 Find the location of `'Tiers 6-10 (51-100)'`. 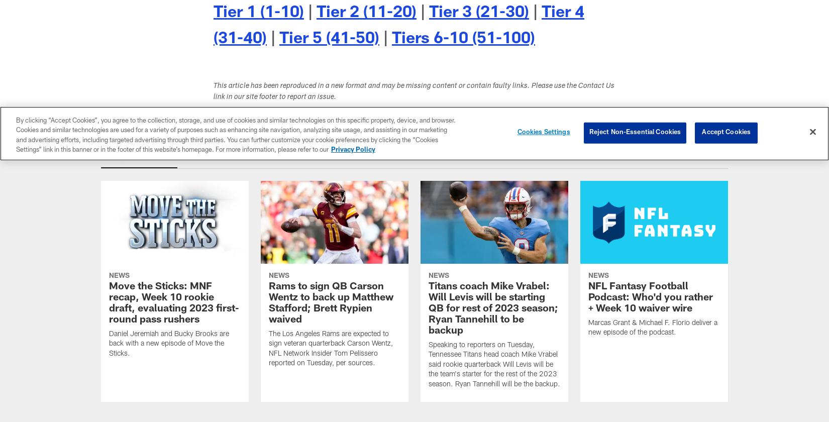

'Tiers 6-10 (51-100)' is located at coordinates (463, 39).